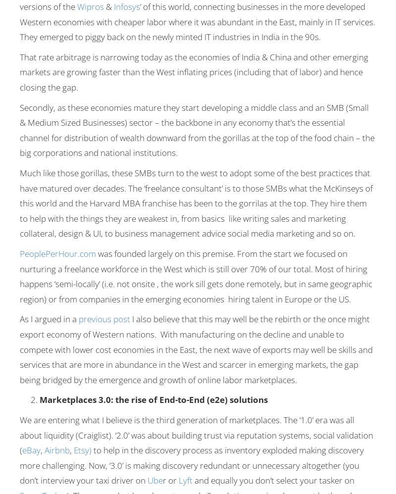 The width and height of the screenshot is (396, 494). What do you see at coordinates (196, 203) in the screenshot?
I see `'Much like those gorillas, these SMBs turn to the west to adopt some of the best practices that have matured over decades. The ‘freelance consultant’ is to those SMBs what the McKinseys of this world and the Harvard MBA franchise has been to the gorrilas at the top. They hire them to help with the things they are weakest in, from basics  like writing sales and marketing collateral, design & UI, to business management advice social media marketing and so on.'` at bounding box center [196, 203].